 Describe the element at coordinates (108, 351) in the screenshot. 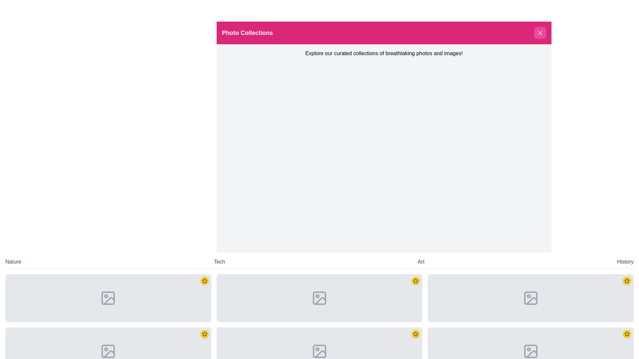

I see `the pale-gray rounded rectangle icon located second in its row below the 'Nature' label` at that location.